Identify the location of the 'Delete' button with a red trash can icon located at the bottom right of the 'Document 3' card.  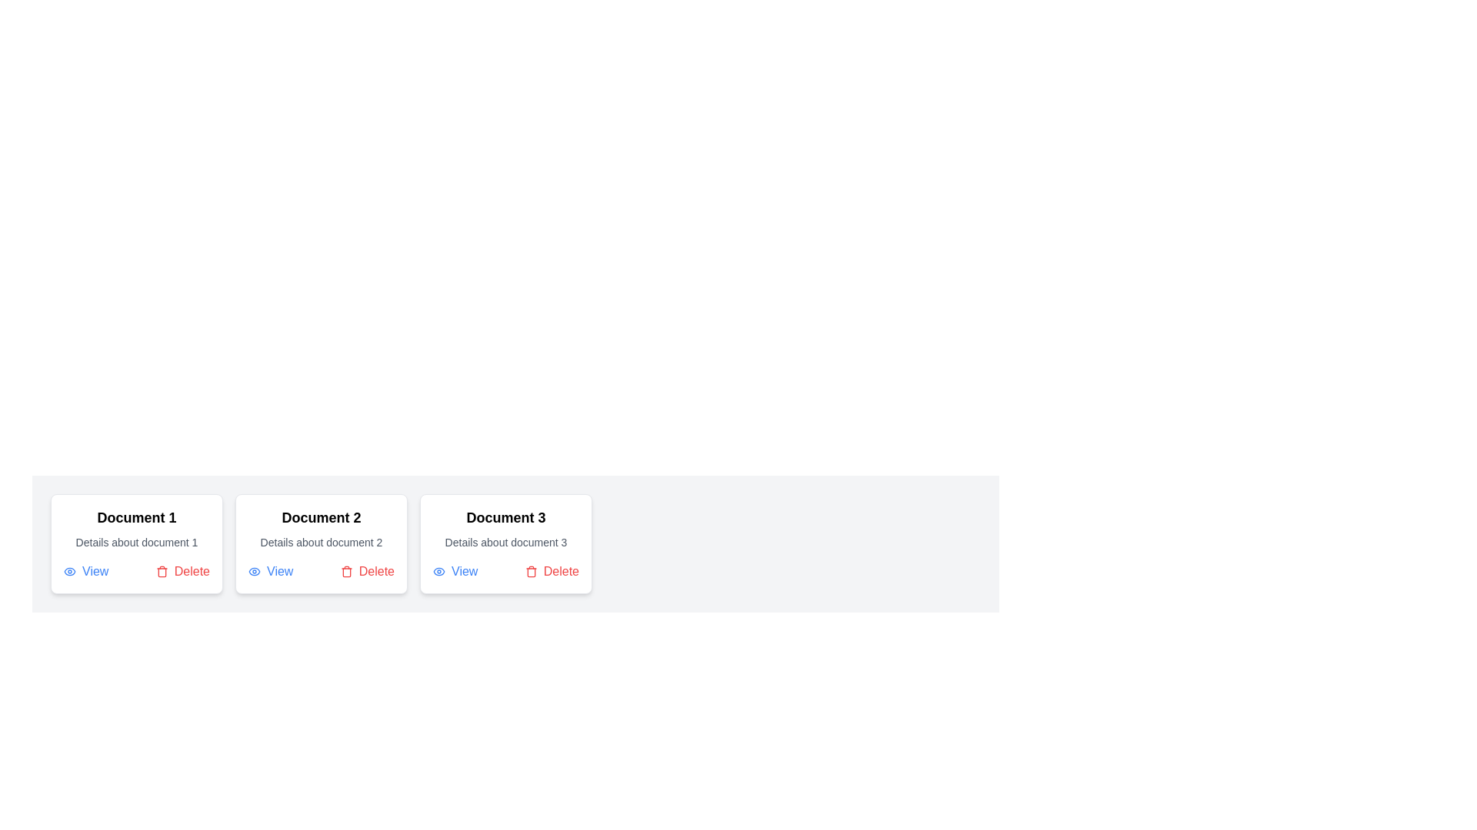
(552, 572).